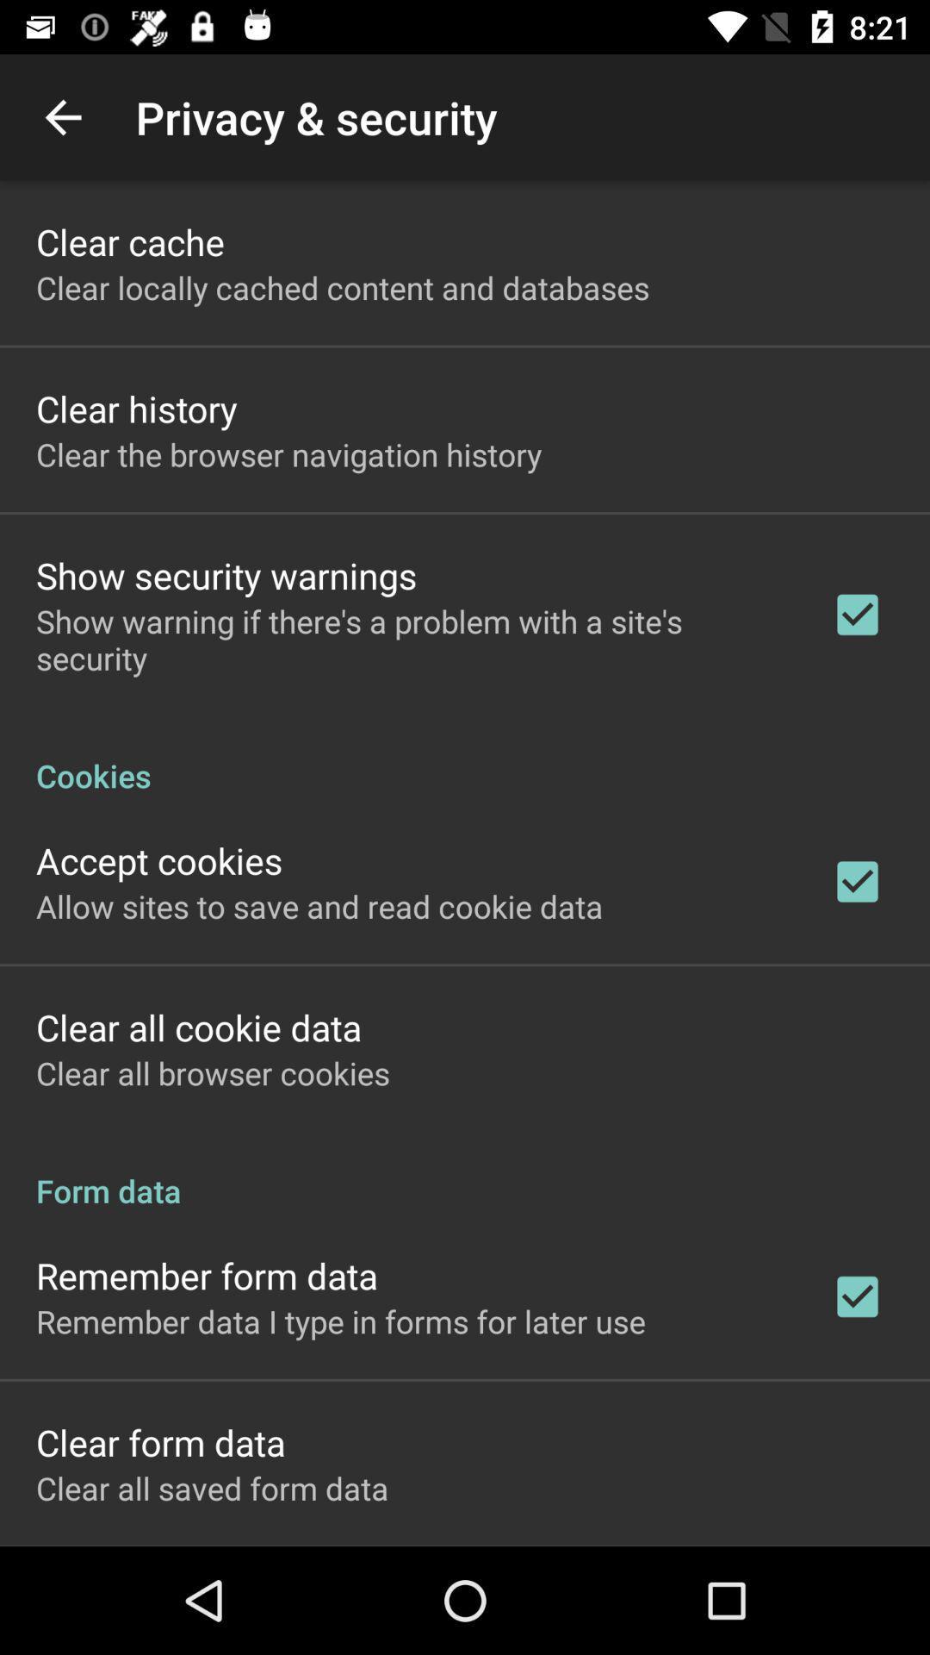 This screenshot has height=1655, width=930. Describe the element at coordinates (62, 116) in the screenshot. I see `app above the clear cache app` at that location.